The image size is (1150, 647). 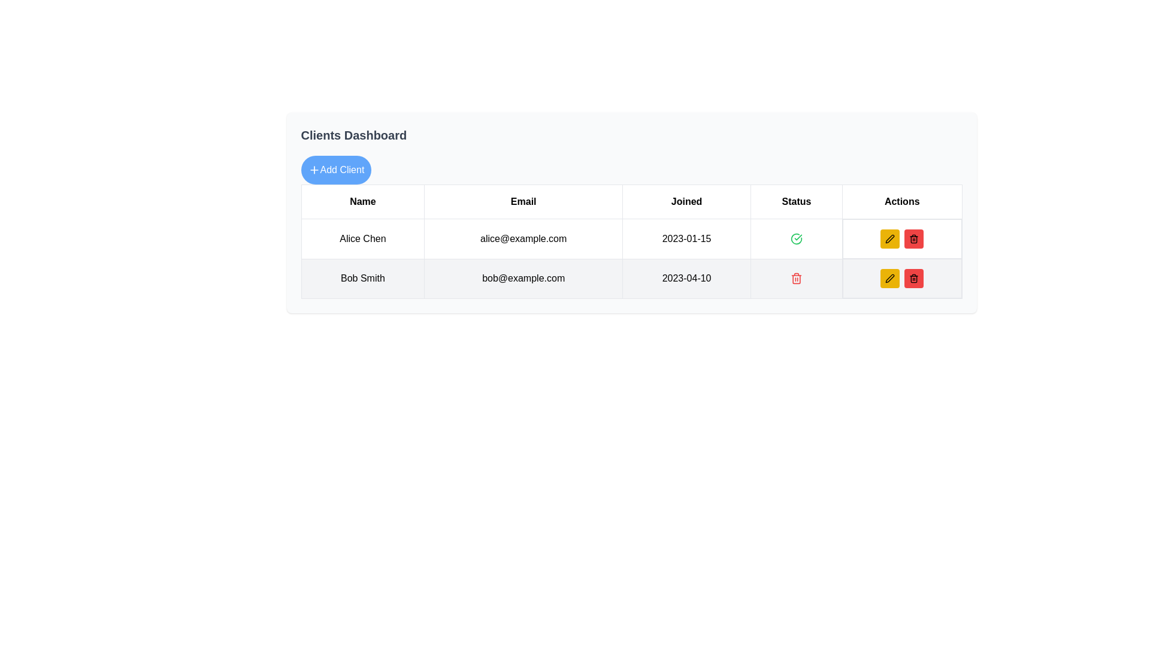 What do you see at coordinates (890, 238) in the screenshot?
I see `the pen icon with a yellow background located in the 'Actions' column of the second row, corresponding to the user 'Bob Smith'` at bounding box center [890, 238].